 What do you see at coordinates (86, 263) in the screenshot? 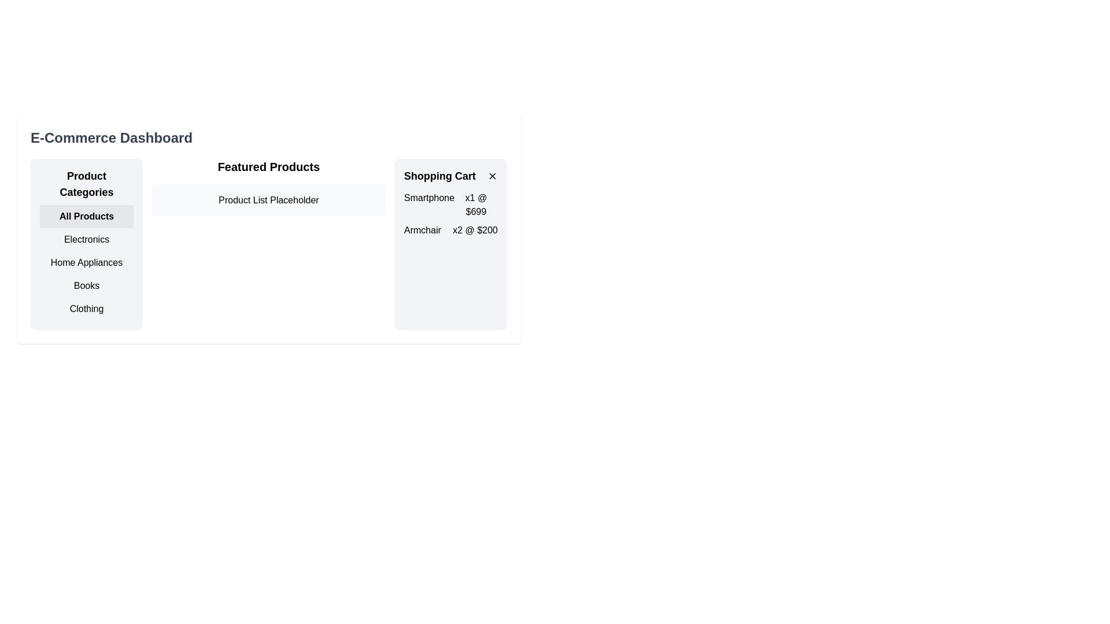
I see `the third list item labeled 'Home Appliances' in the Product Categories menu` at bounding box center [86, 263].